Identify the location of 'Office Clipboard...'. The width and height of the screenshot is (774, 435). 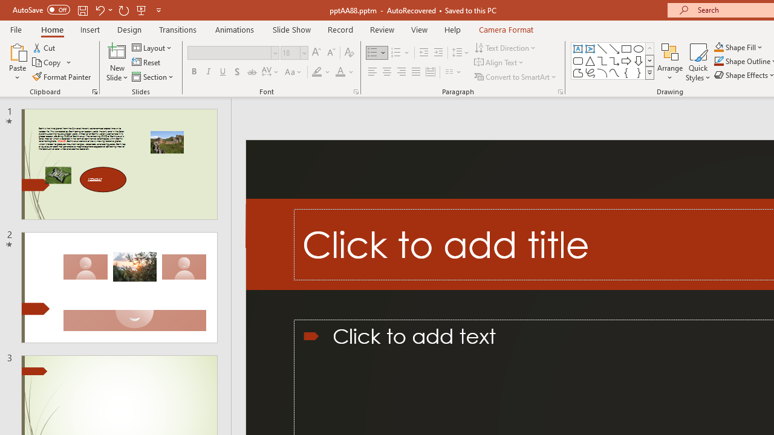
(94, 91).